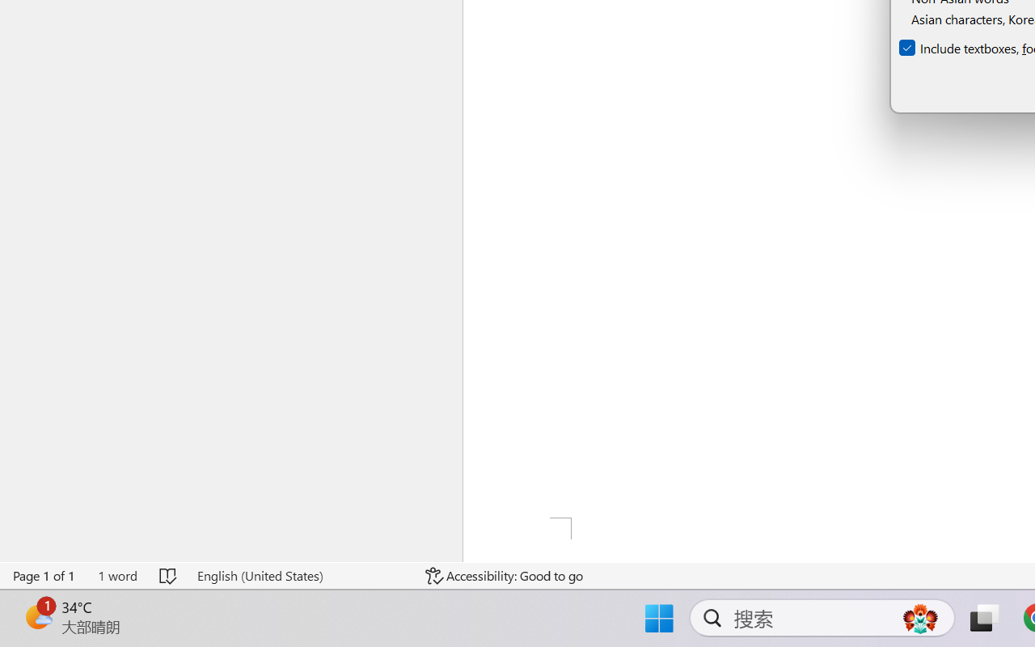 The image size is (1035, 647). Describe the element at coordinates (300, 575) in the screenshot. I see `'Language English (United States)'` at that location.